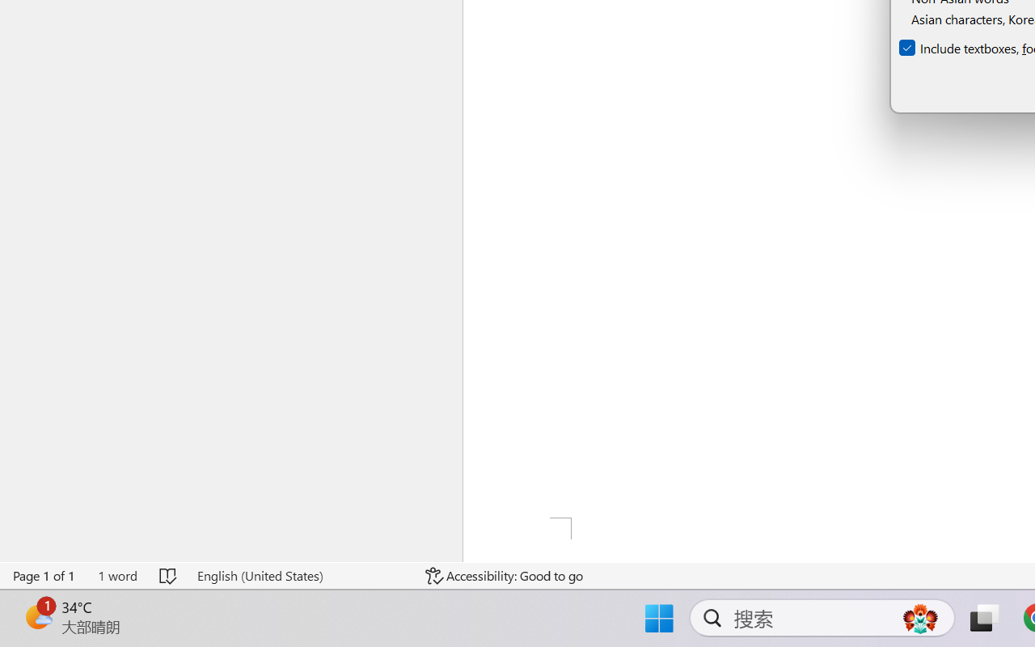 The image size is (1035, 647). Describe the element at coordinates (300, 575) in the screenshot. I see `'Language English (United States)'` at that location.